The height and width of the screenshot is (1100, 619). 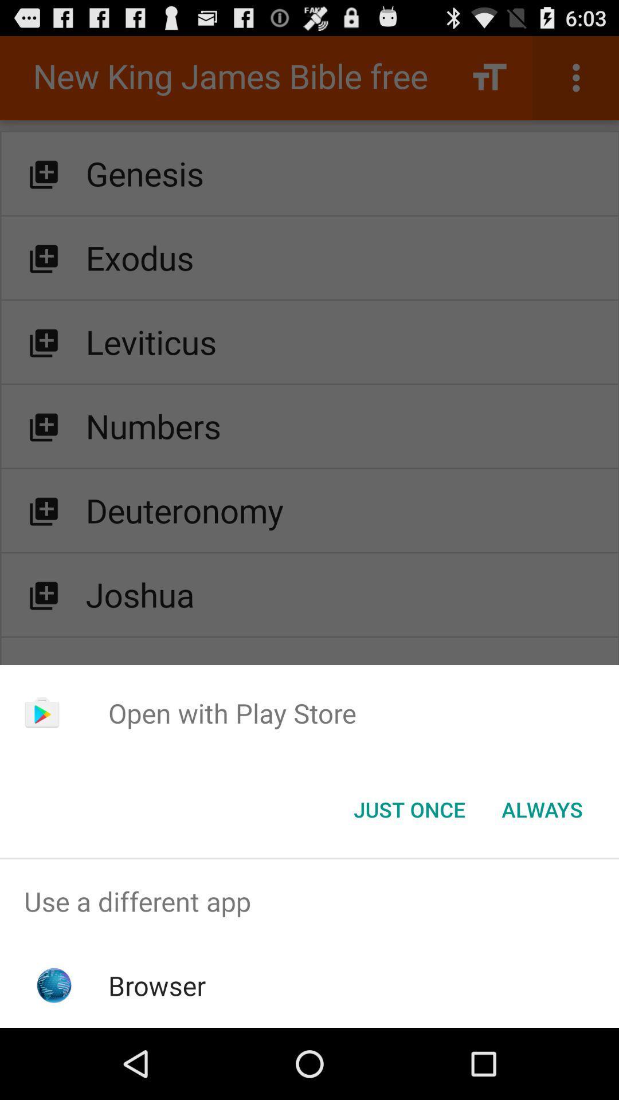 What do you see at coordinates (309, 901) in the screenshot?
I see `the use a different app` at bounding box center [309, 901].